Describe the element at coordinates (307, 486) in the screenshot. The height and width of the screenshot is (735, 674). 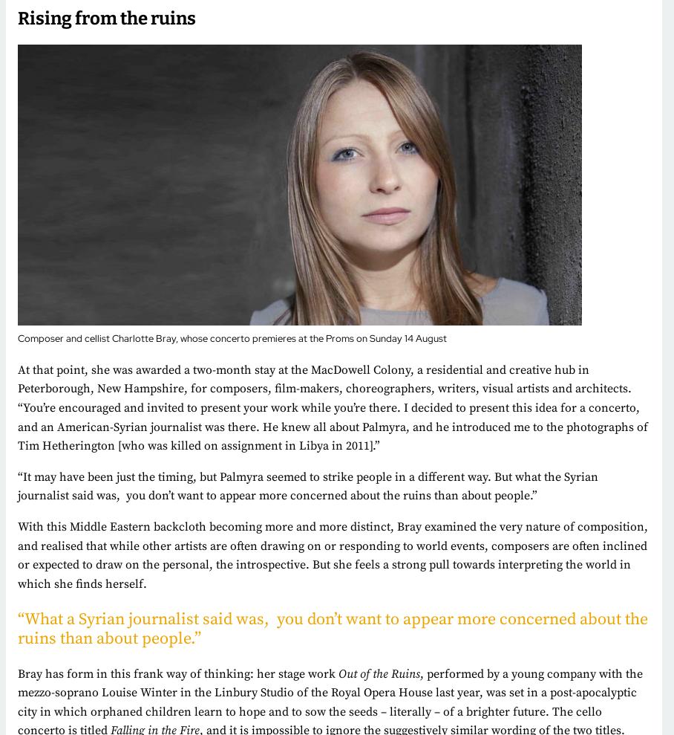
I see `'the timing, but Palmyra seemed to strike people in a different way. But what the Syrian journalist said was,  you don’t want to appear more concerned about the ruins than about people.”'` at that location.